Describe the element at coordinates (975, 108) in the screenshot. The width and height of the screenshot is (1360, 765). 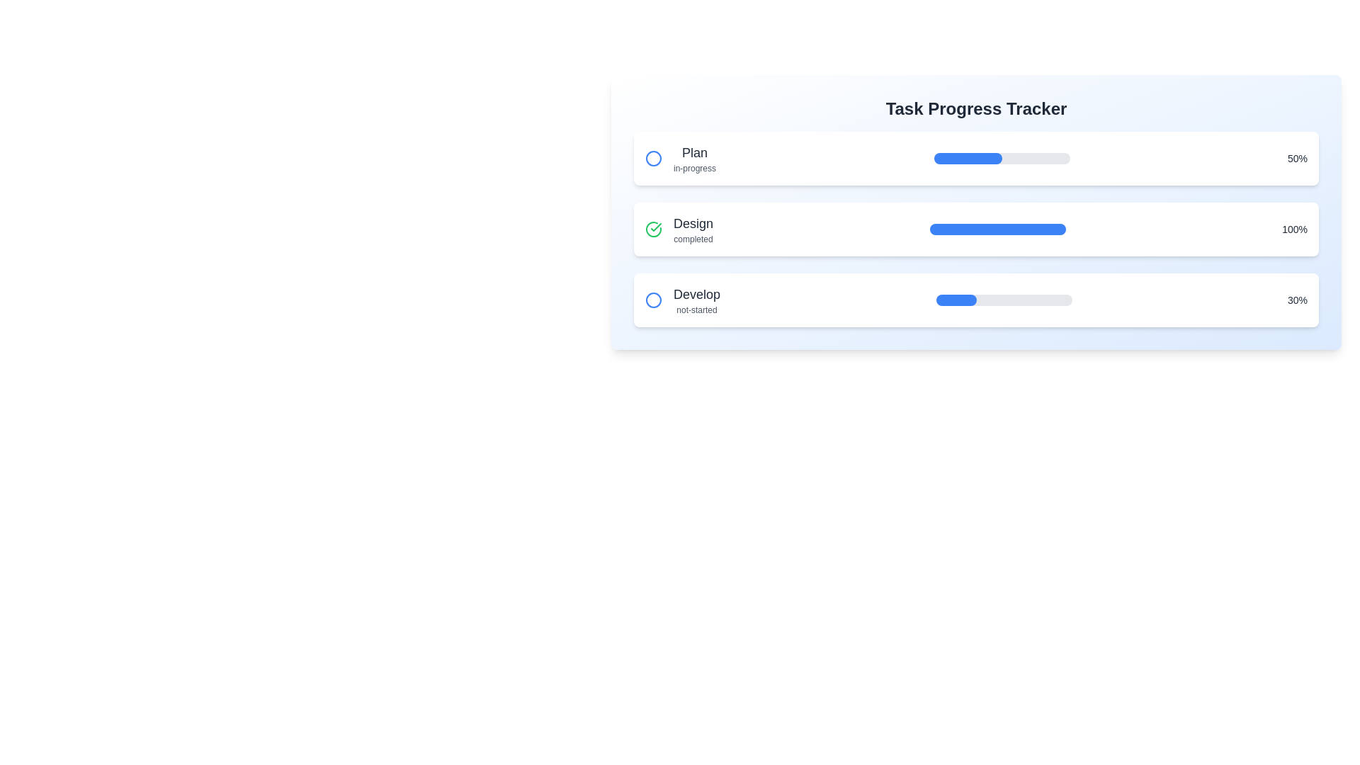
I see `the header text element that serves as the title of the section, providing context about task progress, located at the top of a card-like structure` at that location.